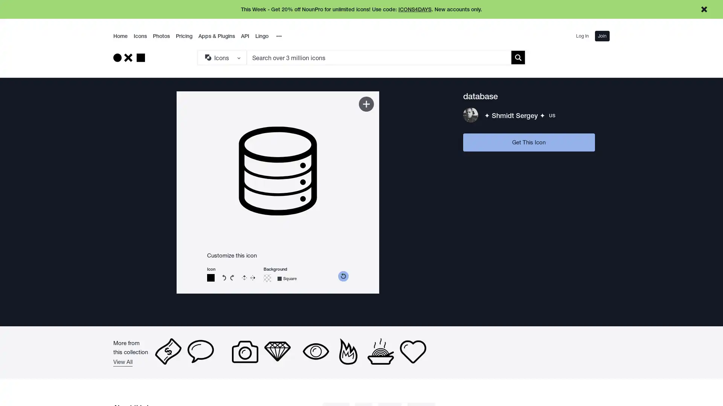 This screenshot has height=406, width=723. What do you see at coordinates (278, 36) in the screenshot?
I see `Overflow Menu` at bounding box center [278, 36].